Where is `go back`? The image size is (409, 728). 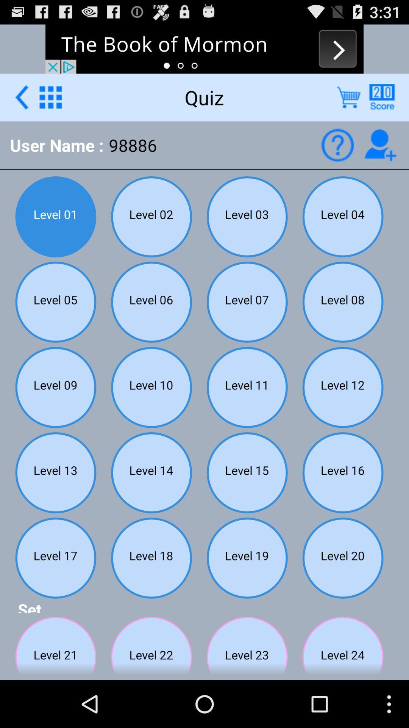 go back is located at coordinates (21, 97).